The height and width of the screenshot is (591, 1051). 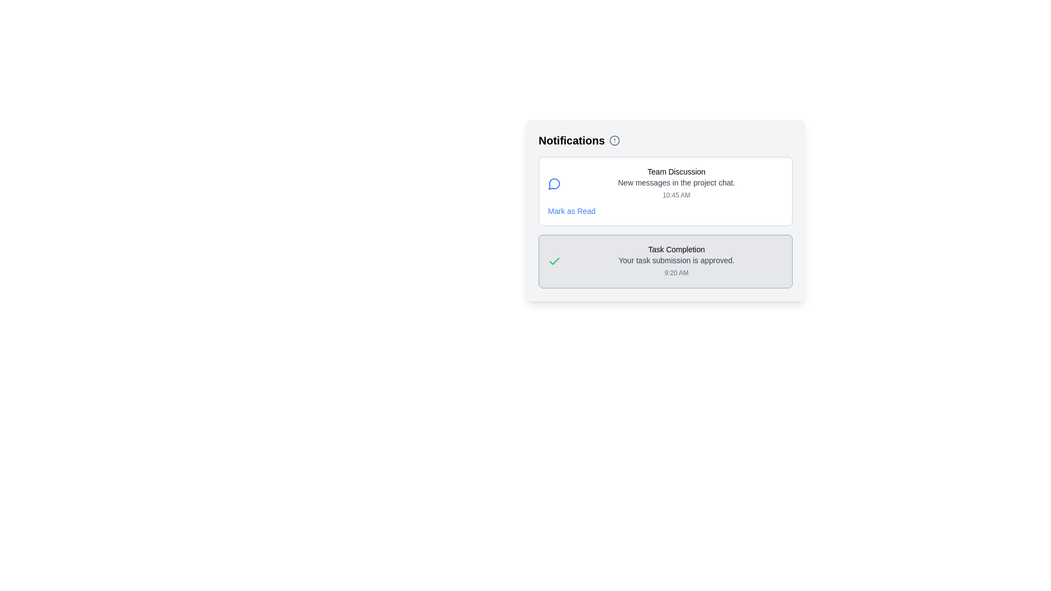 I want to click on the discussion icon located to the far-left of the 'Team Discussion' text in the notification panel, so click(x=554, y=183).